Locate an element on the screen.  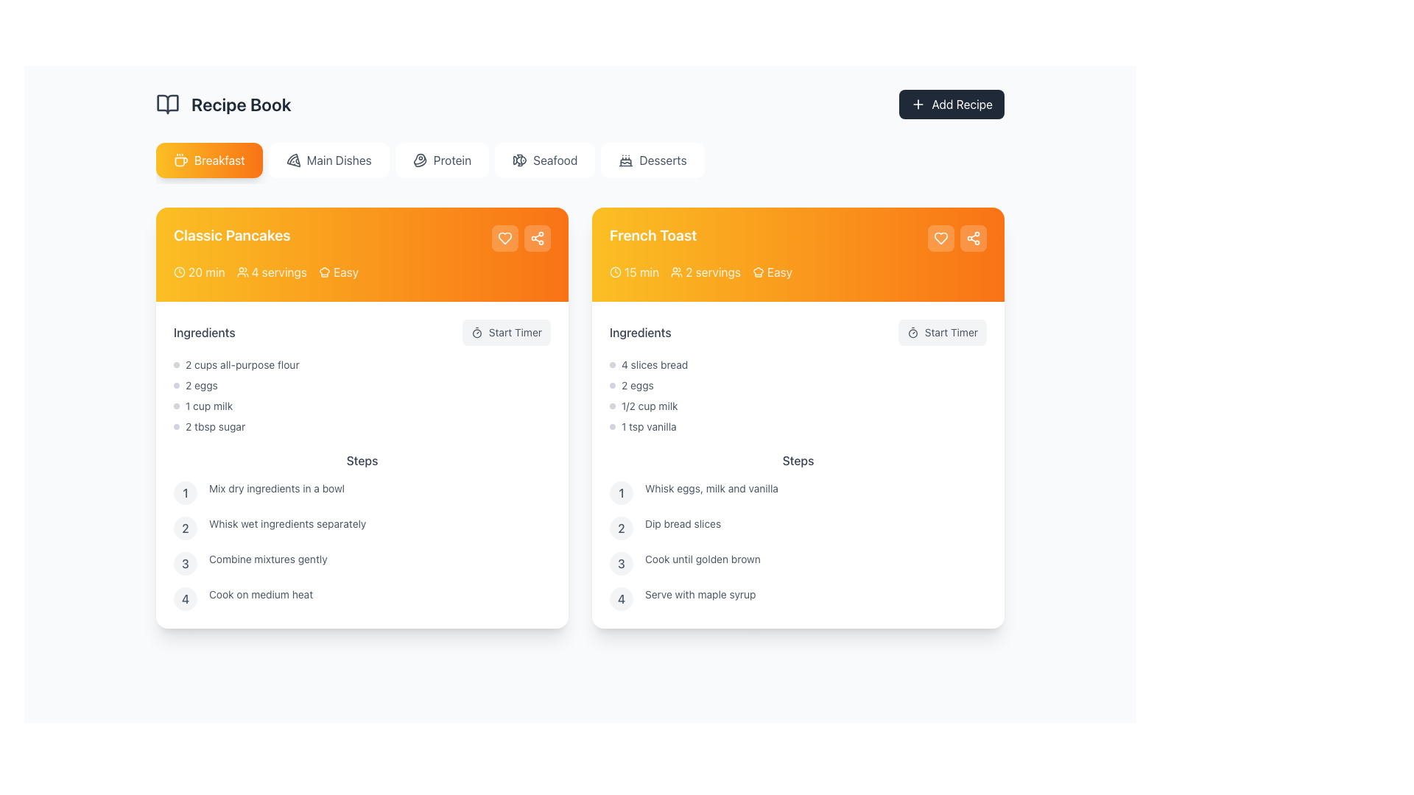
the cake icon with candles located in the navigation bar beneath 'Recipe Book', which is the first icon to the left of 'Desserts' is located at coordinates (626, 160).